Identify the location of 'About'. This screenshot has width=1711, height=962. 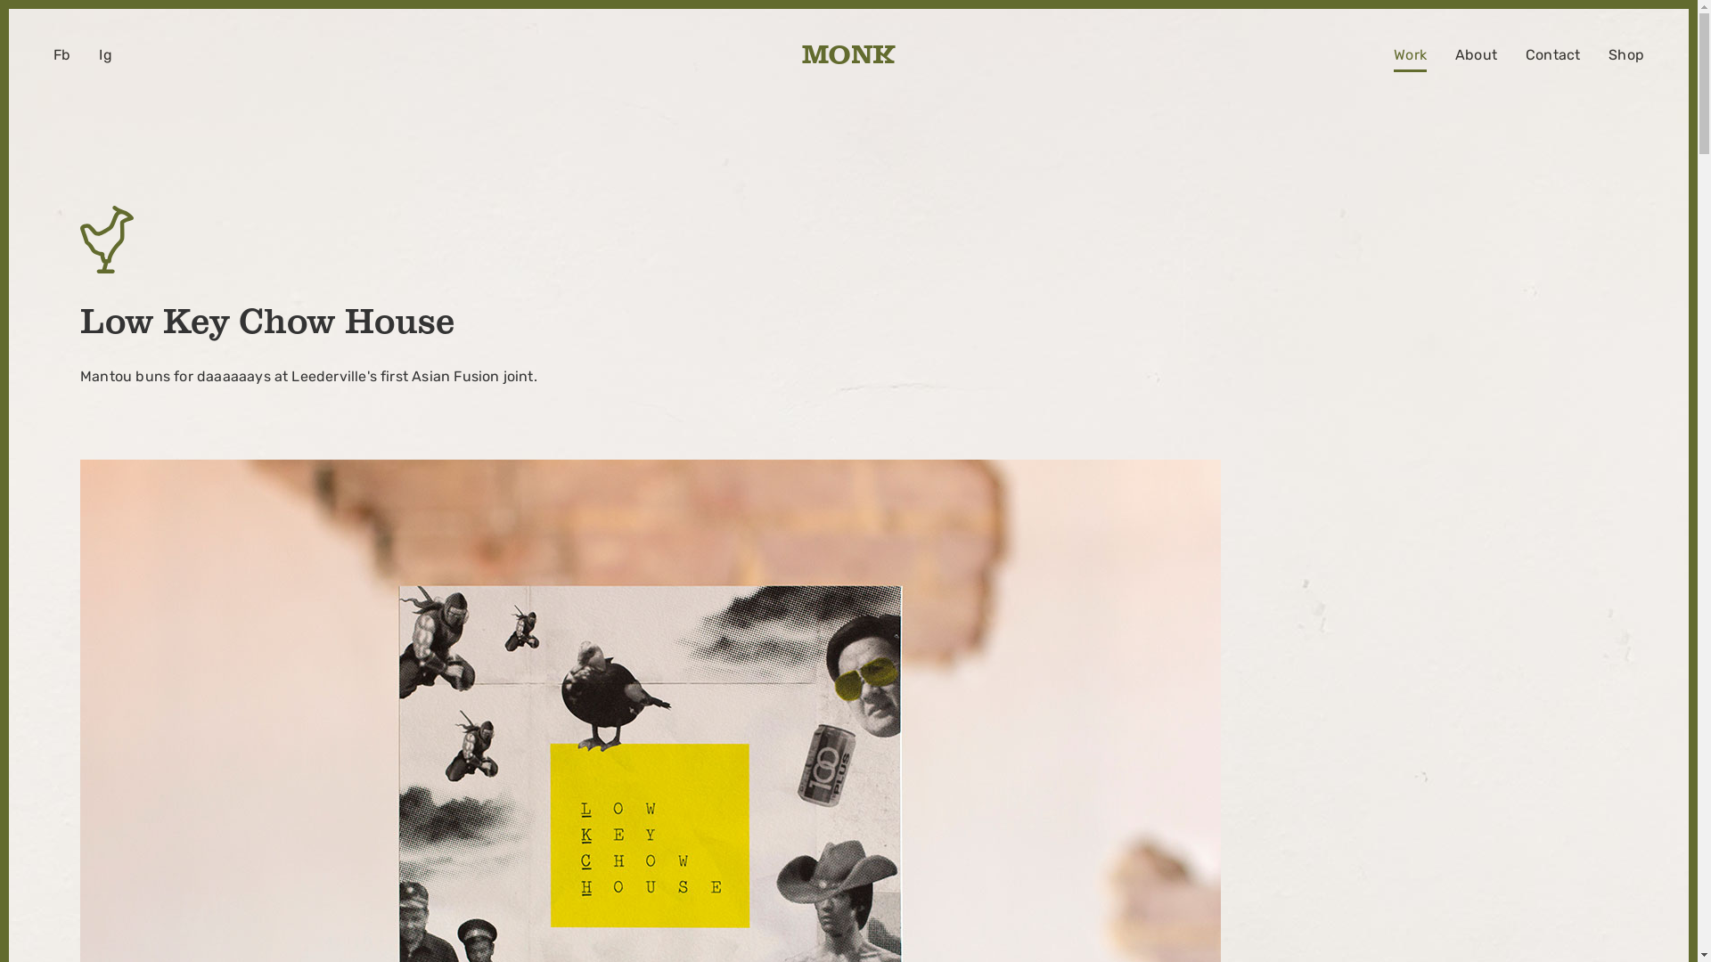
(1476, 57).